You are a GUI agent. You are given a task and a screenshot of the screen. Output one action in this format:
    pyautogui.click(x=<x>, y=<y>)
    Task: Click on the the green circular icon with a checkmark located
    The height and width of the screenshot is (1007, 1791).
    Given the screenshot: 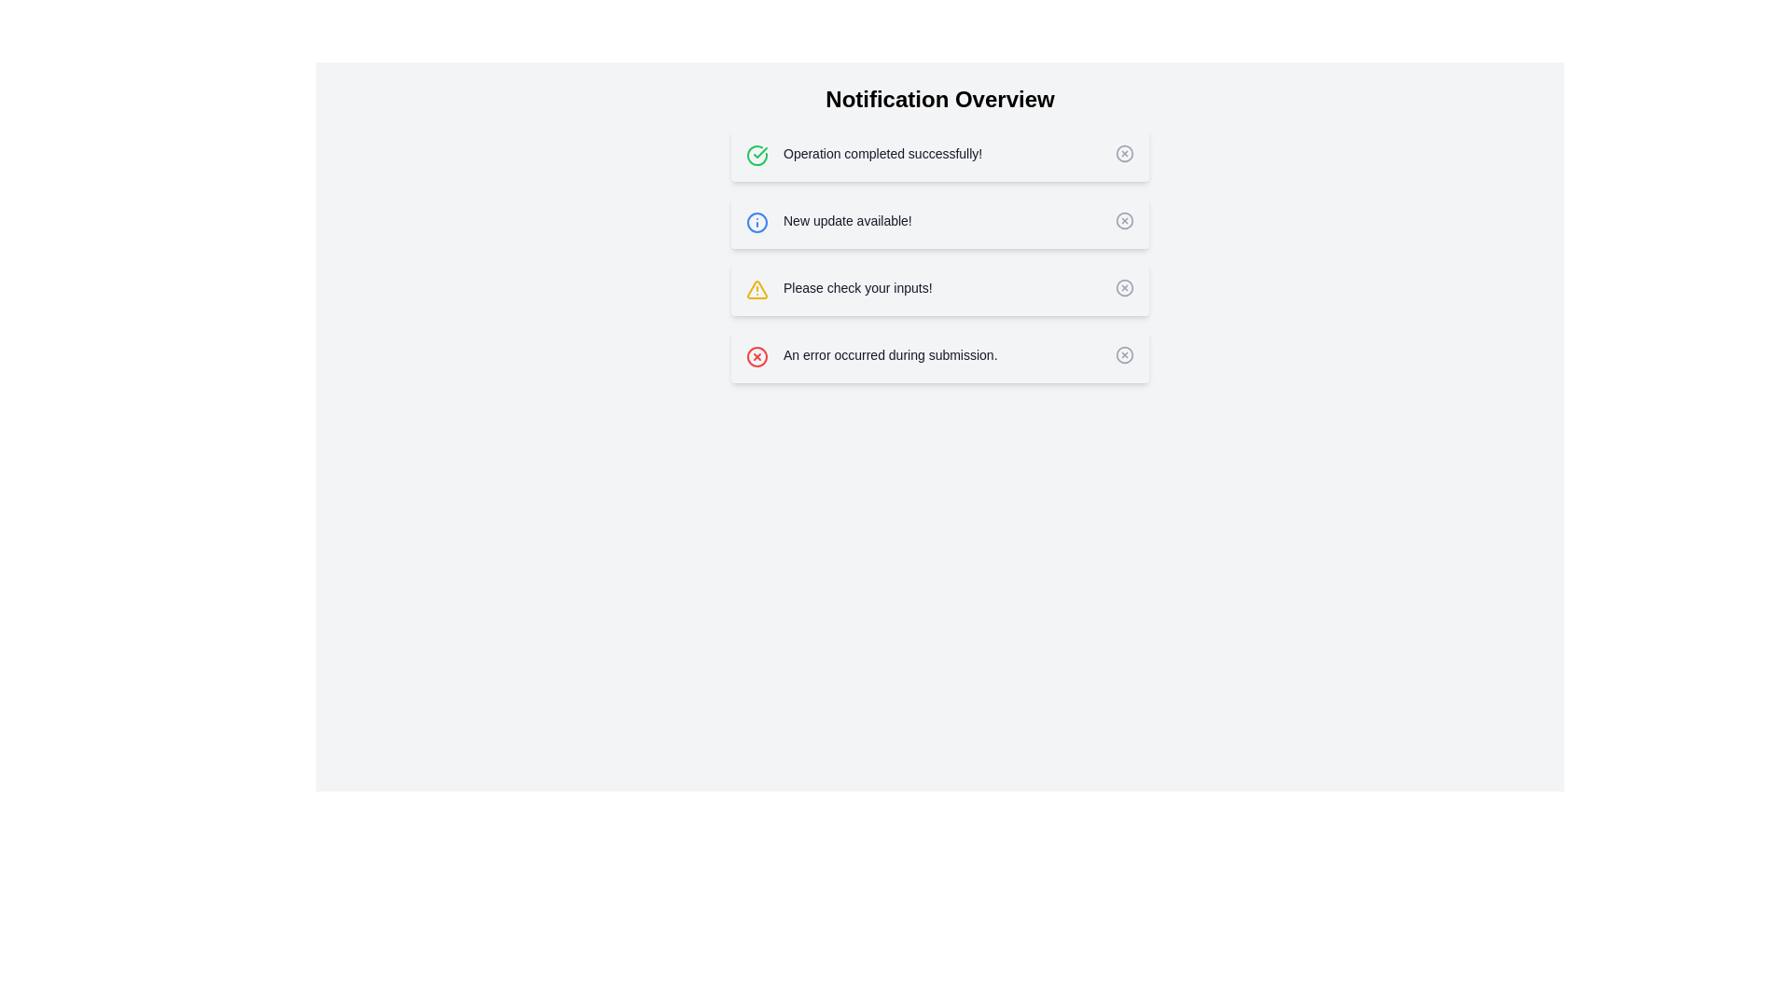 What is the action you would take?
    pyautogui.click(x=757, y=154)
    